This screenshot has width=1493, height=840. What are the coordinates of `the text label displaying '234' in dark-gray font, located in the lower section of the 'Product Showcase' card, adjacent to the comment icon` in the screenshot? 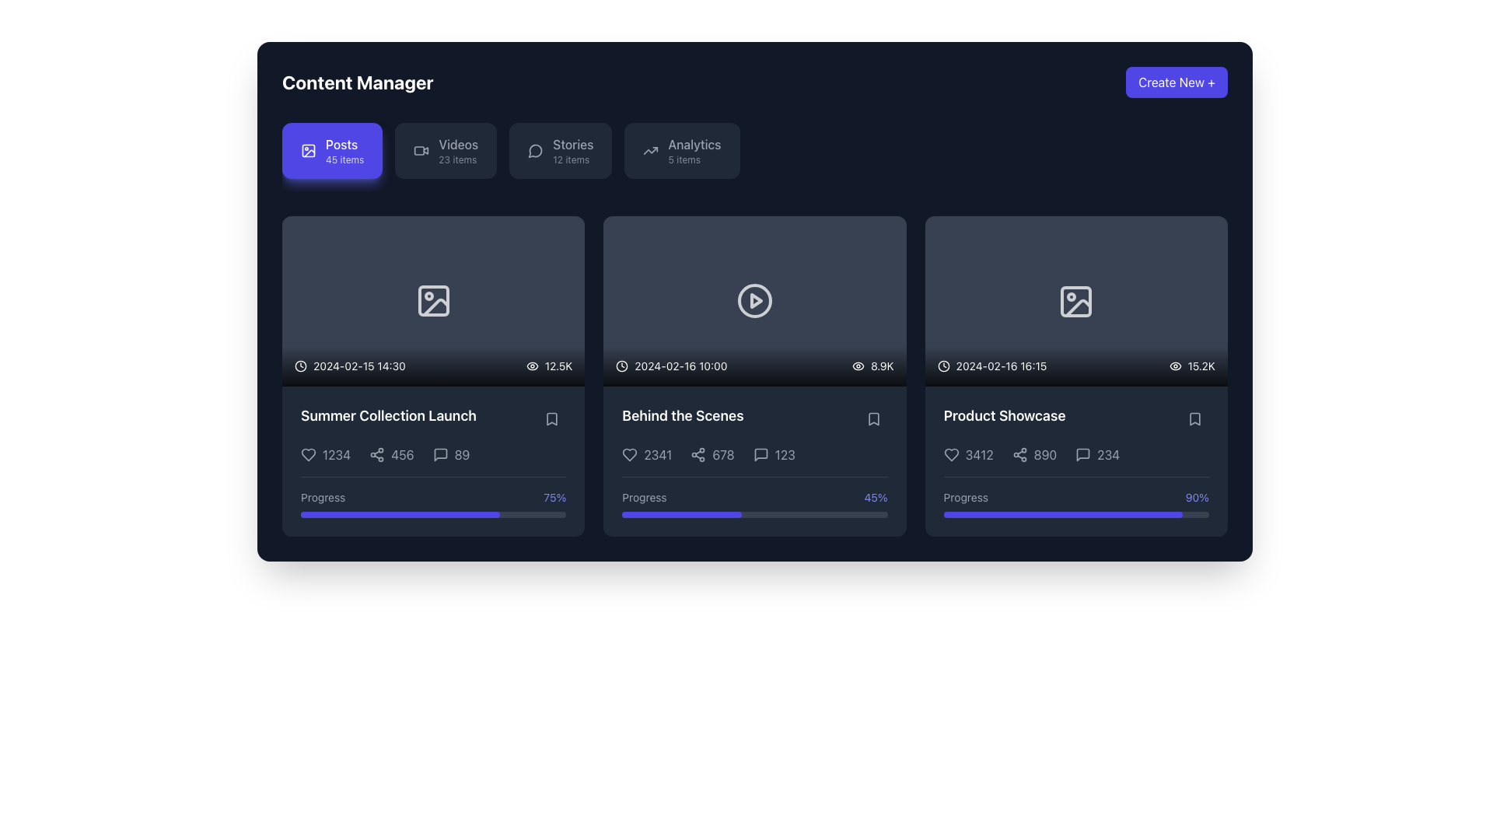 It's located at (1107, 455).